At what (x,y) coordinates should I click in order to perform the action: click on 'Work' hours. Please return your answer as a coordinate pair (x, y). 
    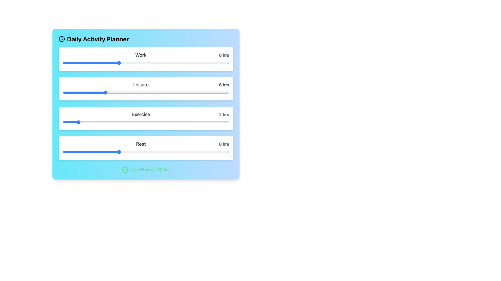
    Looking at the image, I should click on (111, 63).